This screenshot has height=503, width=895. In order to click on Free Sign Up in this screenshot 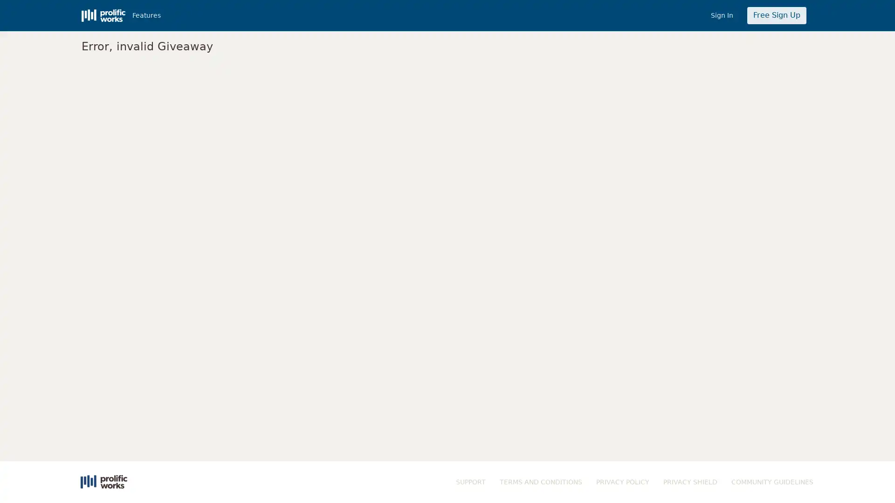, I will do `click(776, 15)`.